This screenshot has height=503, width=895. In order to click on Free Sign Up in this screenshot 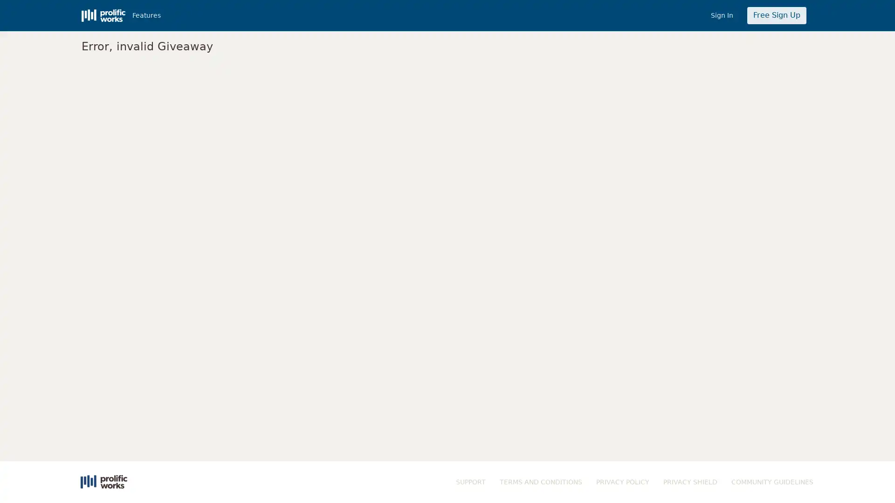, I will do `click(776, 15)`.